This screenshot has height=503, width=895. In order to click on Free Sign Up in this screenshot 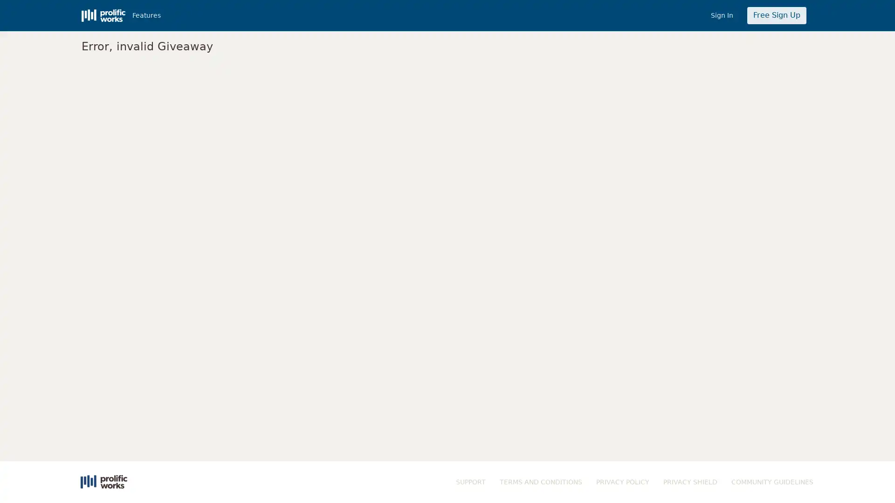, I will do `click(776, 15)`.